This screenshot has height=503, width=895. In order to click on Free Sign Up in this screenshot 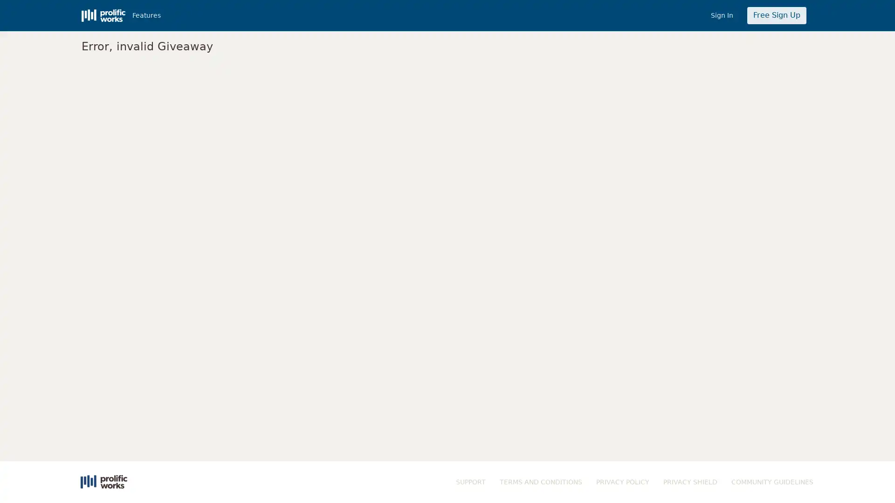, I will do `click(776, 15)`.